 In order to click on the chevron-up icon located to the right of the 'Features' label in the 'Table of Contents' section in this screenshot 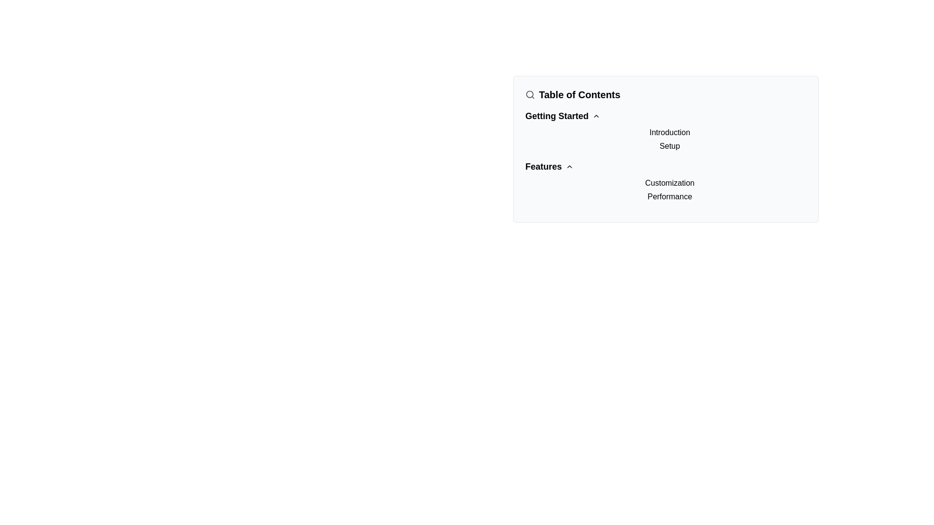, I will do `click(570, 166)`.